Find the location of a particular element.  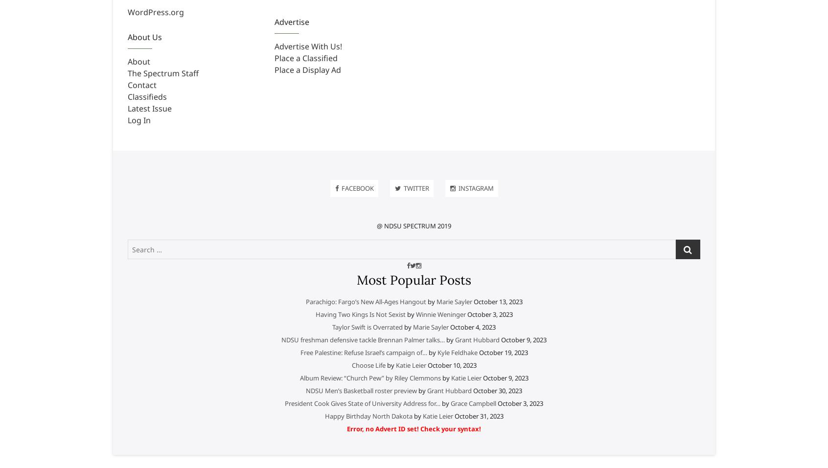

'October 4, 2023' is located at coordinates (473, 327).